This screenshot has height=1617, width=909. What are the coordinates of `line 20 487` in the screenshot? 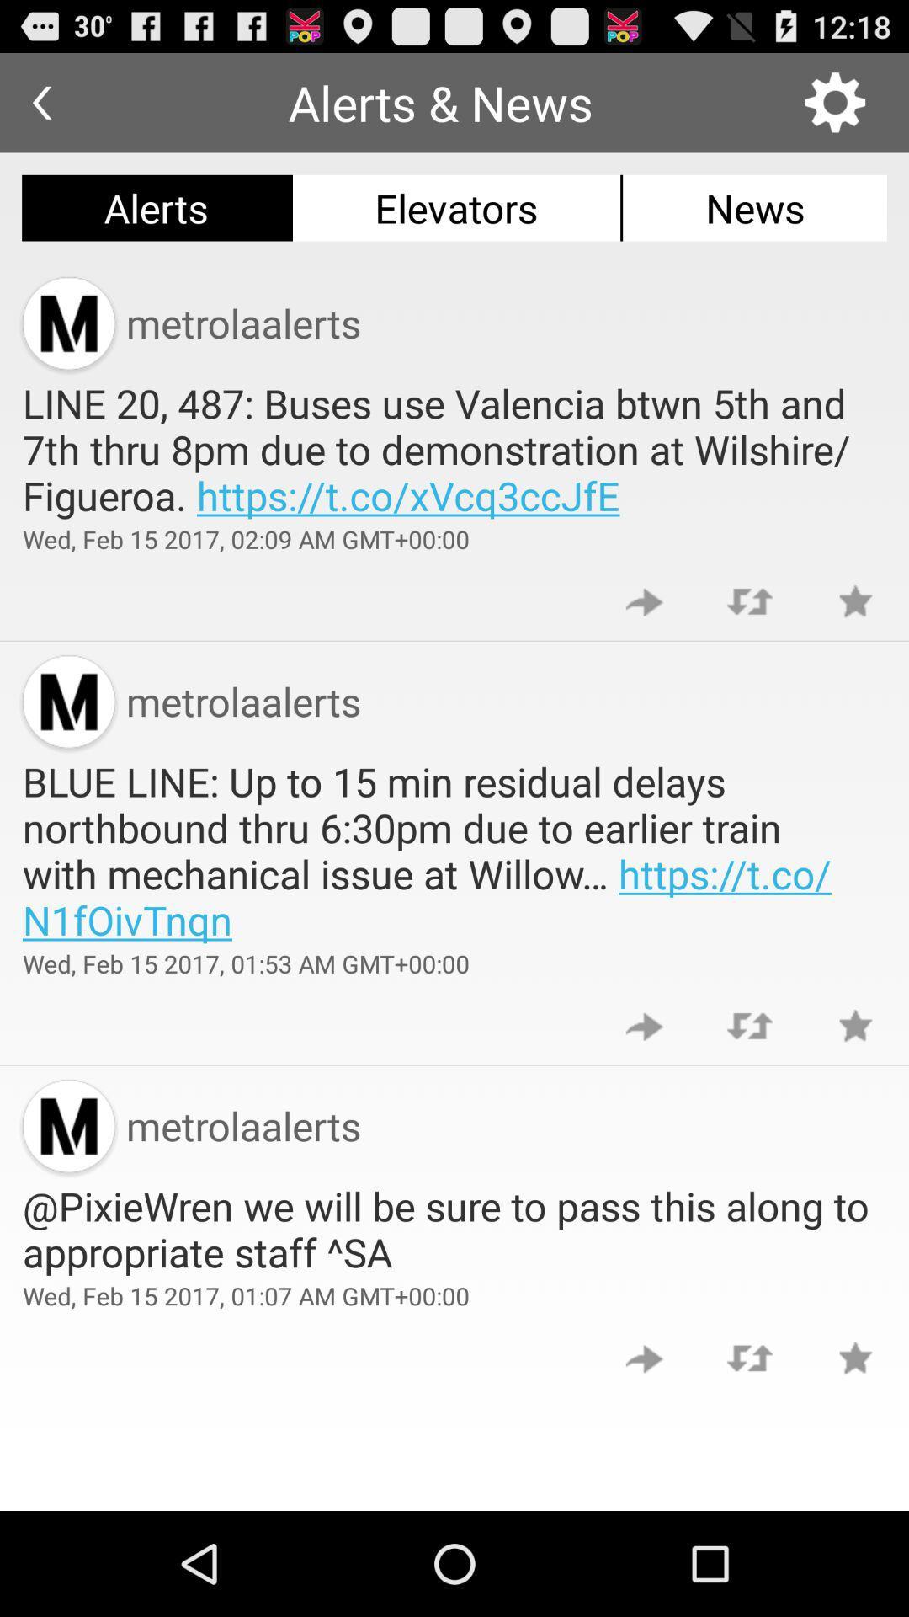 It's located at (454, 449).